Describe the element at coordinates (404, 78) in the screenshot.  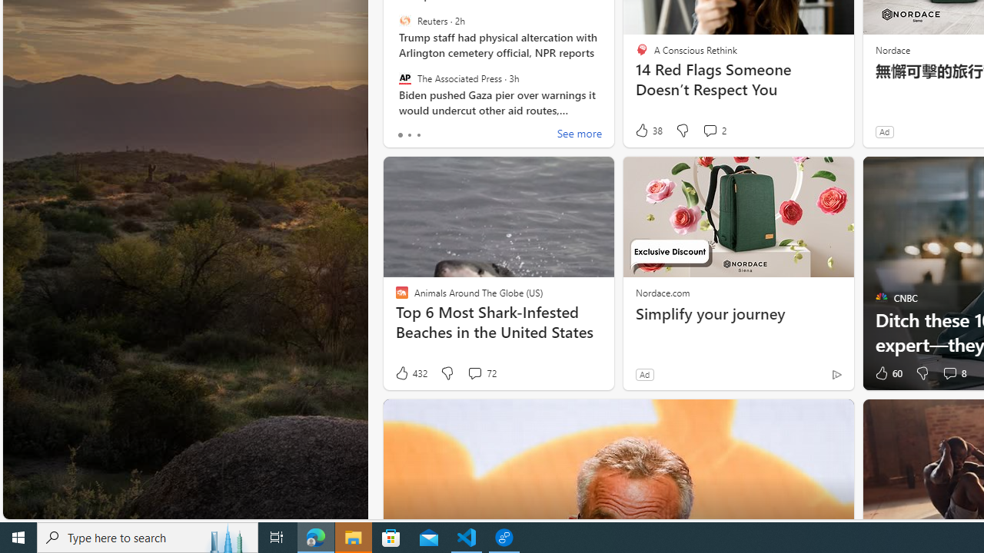
I see `'The Associated Press'` at that location.